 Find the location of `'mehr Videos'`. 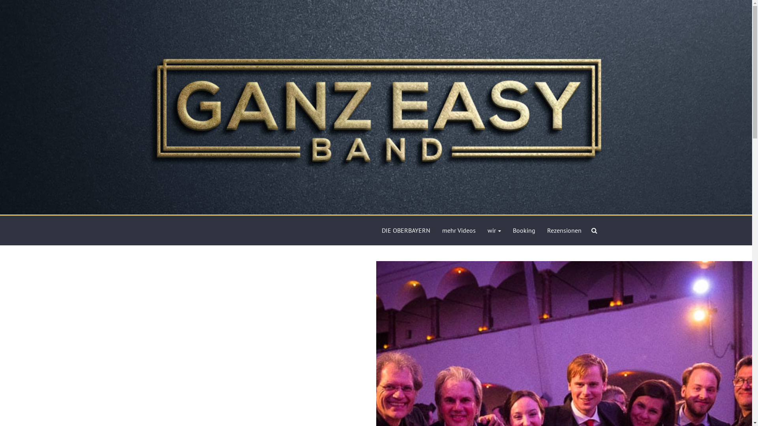

'mehr Videos' is located at coordinates (459, 230).